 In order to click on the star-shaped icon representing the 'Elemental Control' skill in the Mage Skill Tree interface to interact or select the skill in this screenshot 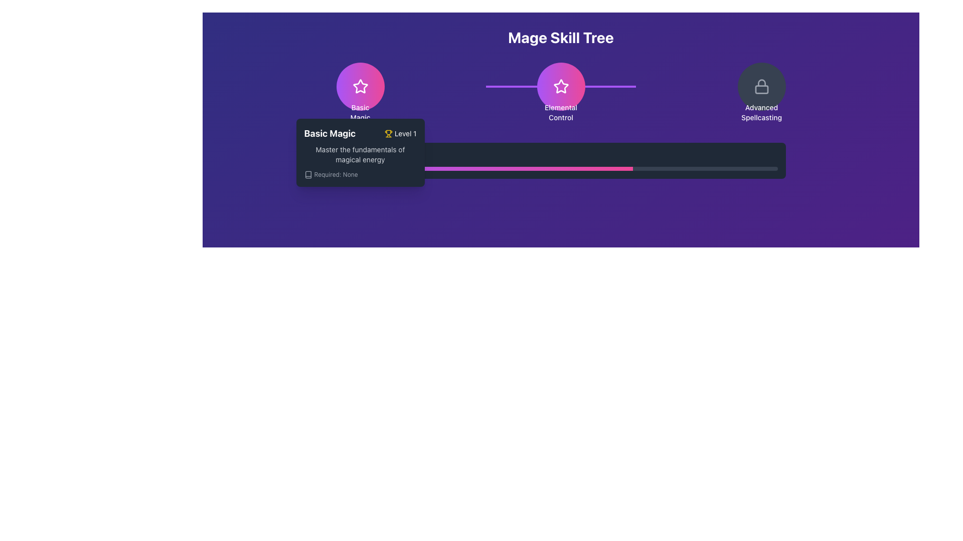, I will do `click(560, 86)`.